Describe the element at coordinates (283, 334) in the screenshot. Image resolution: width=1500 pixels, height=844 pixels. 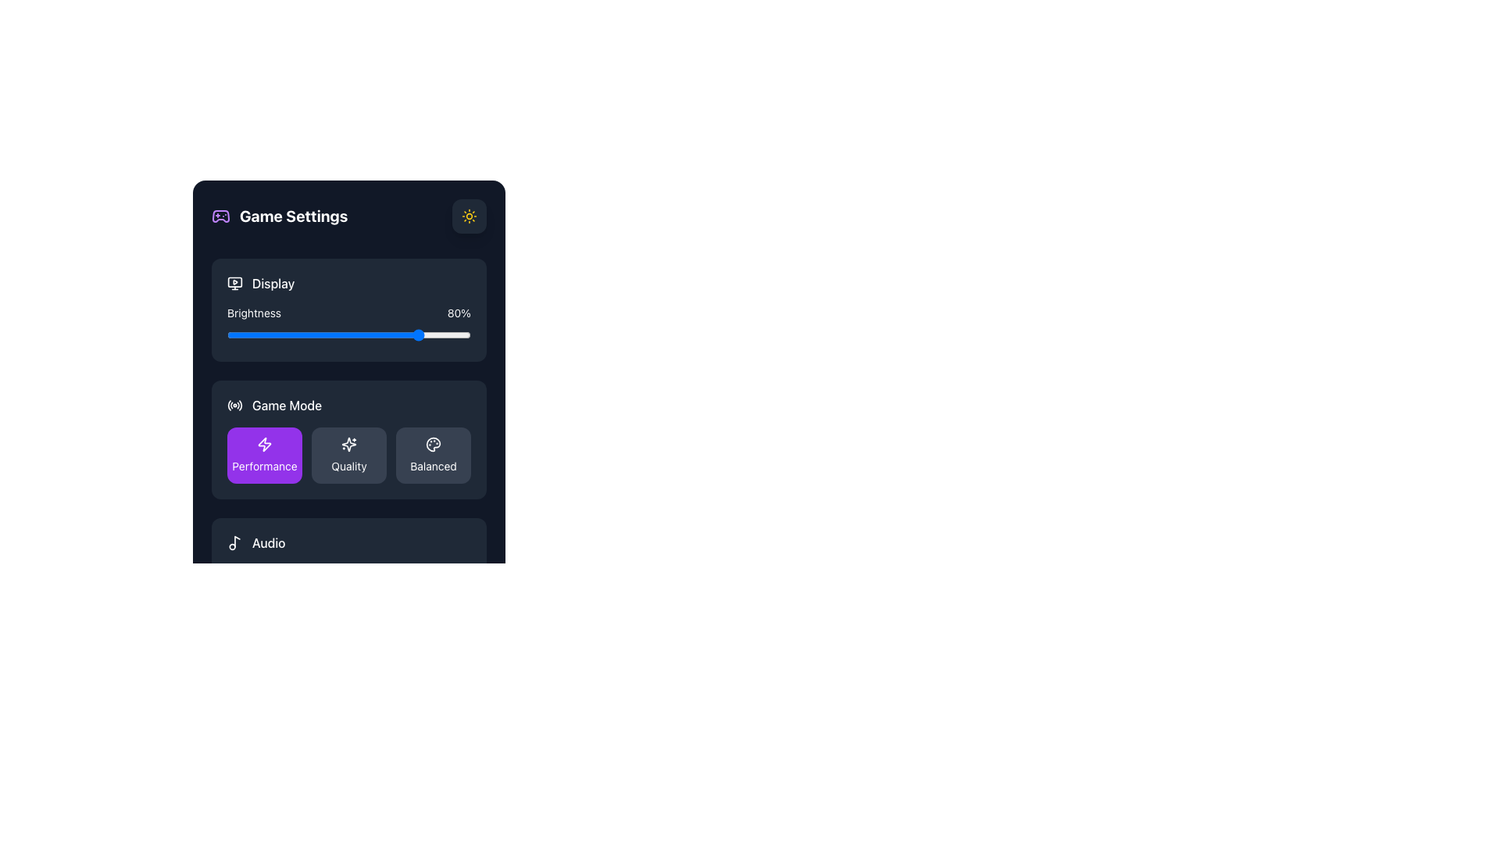
I see `brightness` at that location.